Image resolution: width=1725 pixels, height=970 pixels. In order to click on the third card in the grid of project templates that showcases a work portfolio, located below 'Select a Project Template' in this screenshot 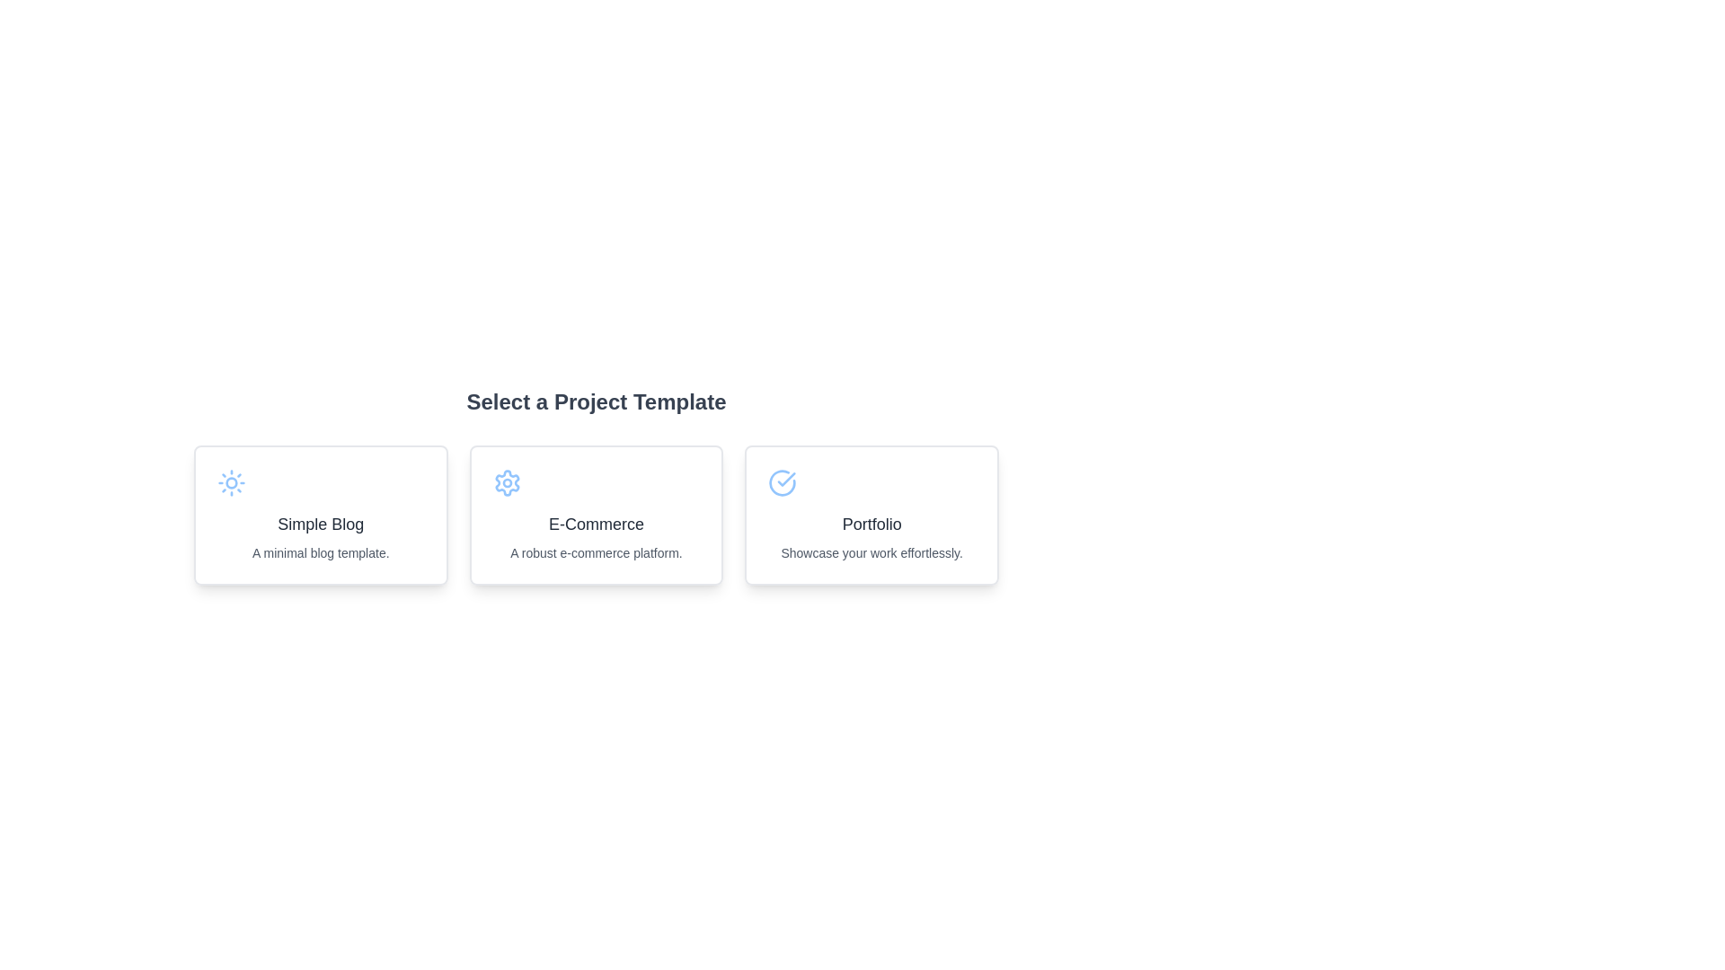, I will do `click(871, 516)`.